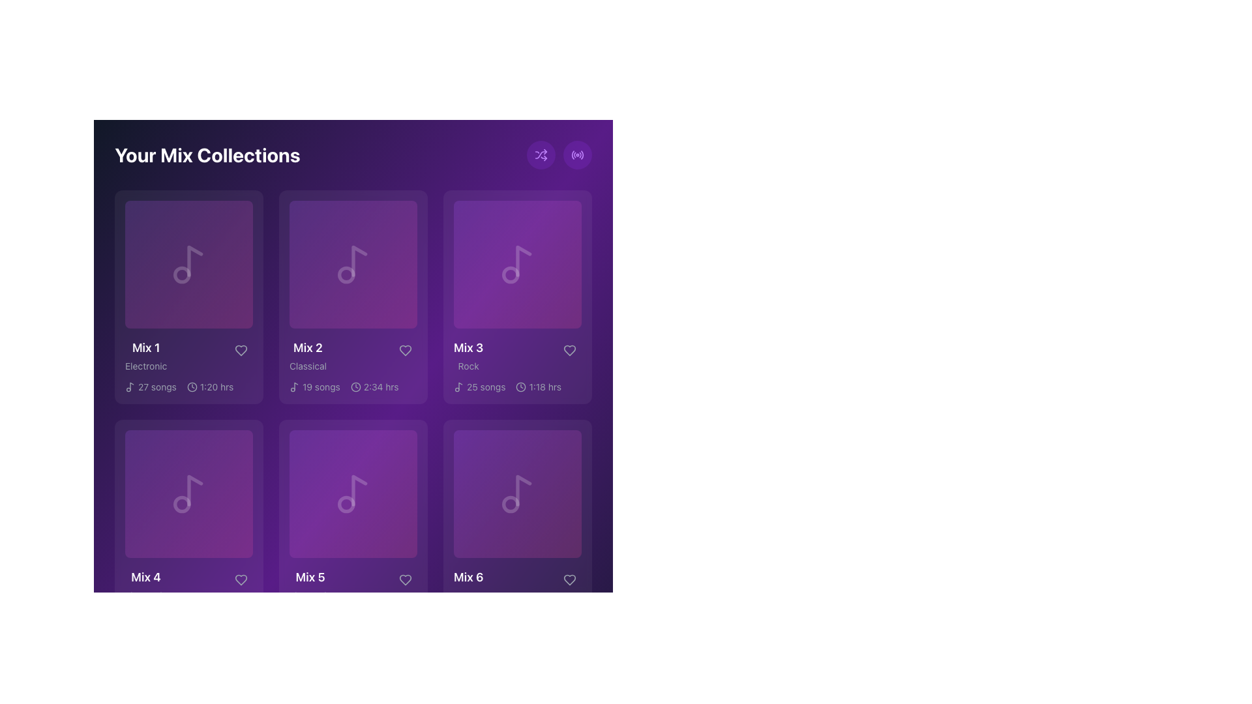  Describe the element at coordinates (188, 264) in the screenshot. I see `the play button icon that is centrally located within the purple rounded button for initiating playback of the content associated with Mix 1` at that location.